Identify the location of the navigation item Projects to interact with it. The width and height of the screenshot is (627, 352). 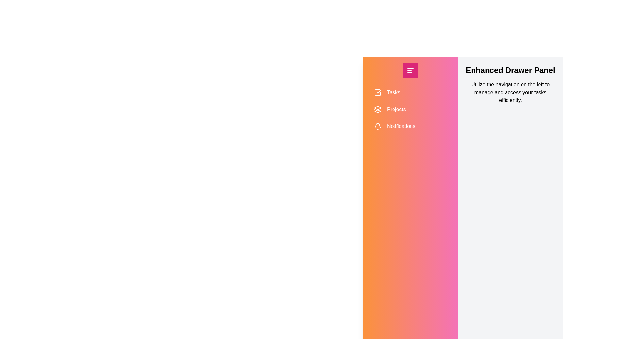
(410, 109).